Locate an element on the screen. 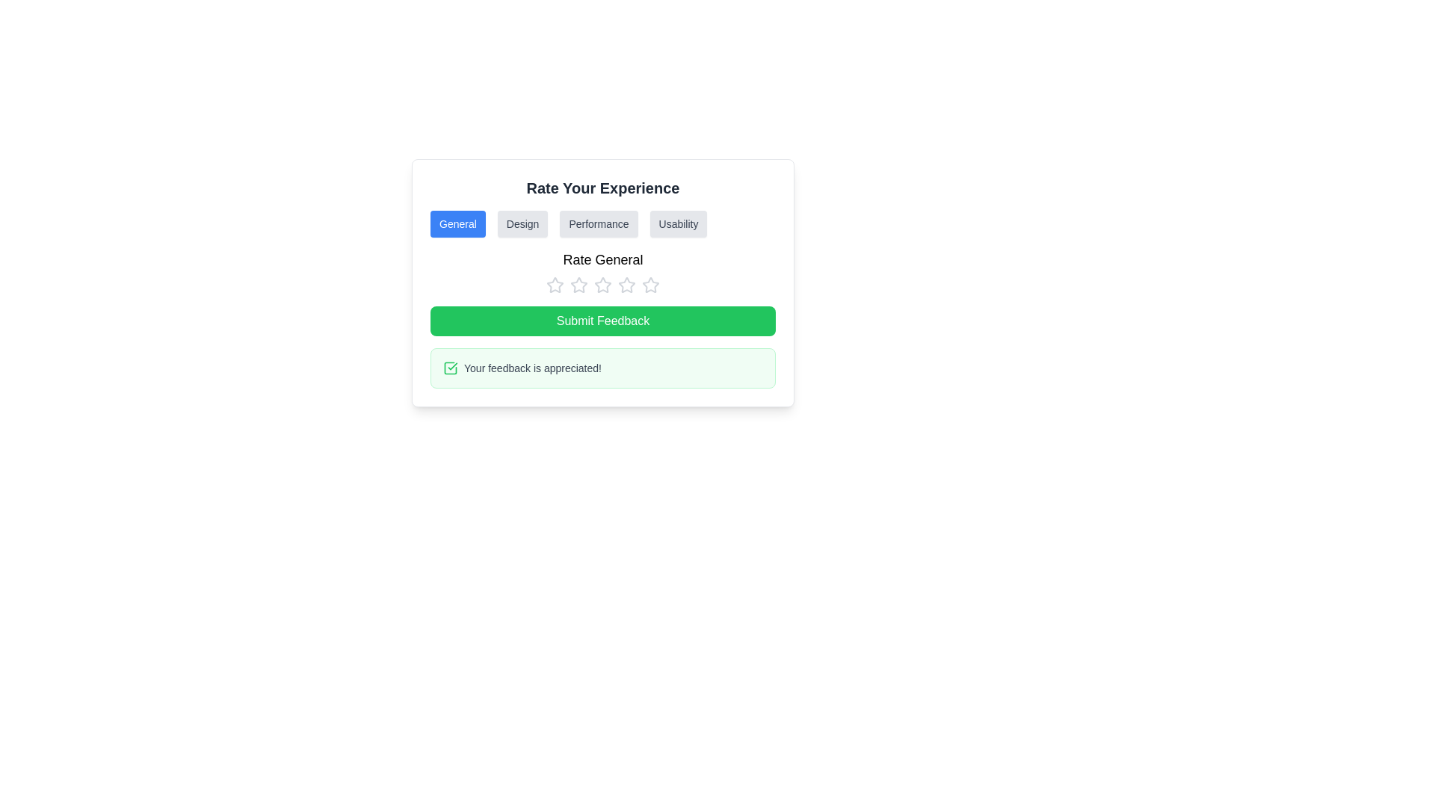  the 'Usability' tab, which is the fourth tab is located at coordinates (677, 224).